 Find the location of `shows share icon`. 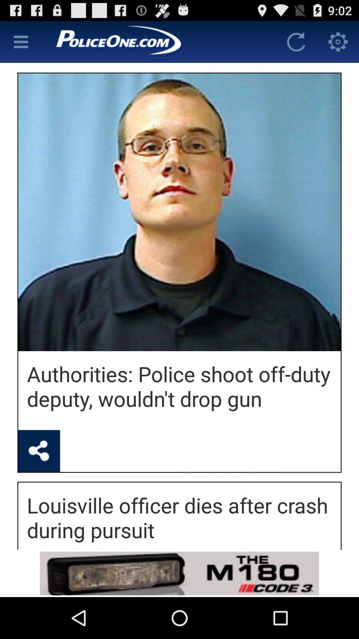

shows share icon is located at coordinates (39, 451).